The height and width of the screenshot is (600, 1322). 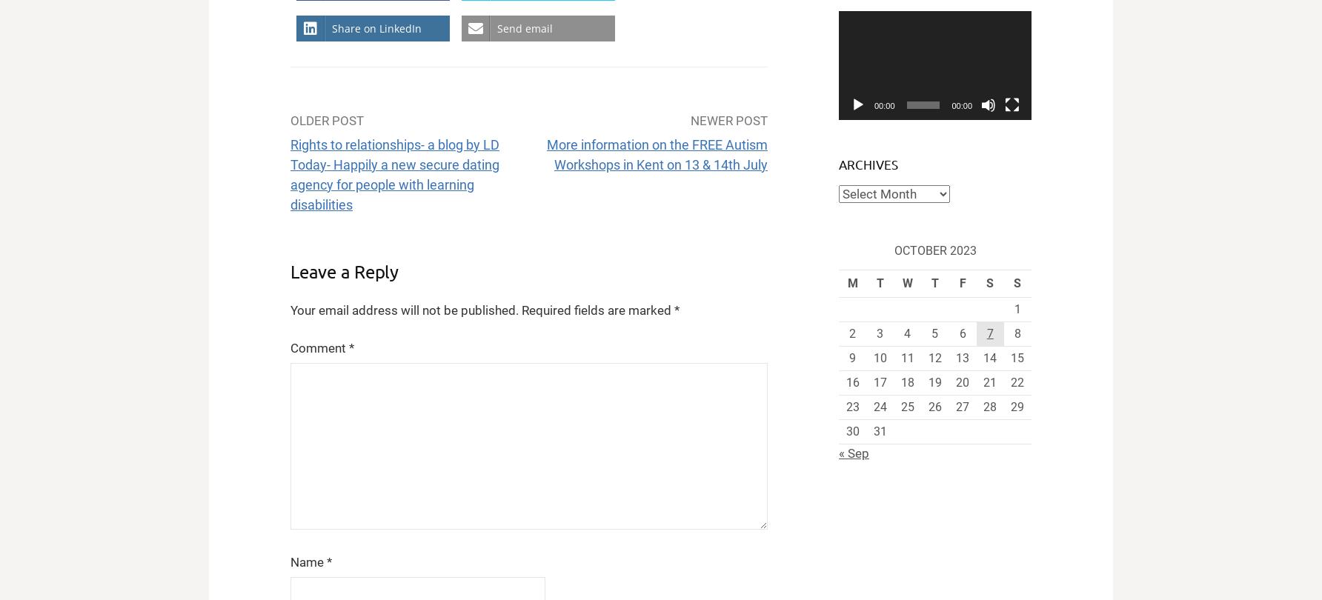 I want to click on '19', so click(x=933, y=382).